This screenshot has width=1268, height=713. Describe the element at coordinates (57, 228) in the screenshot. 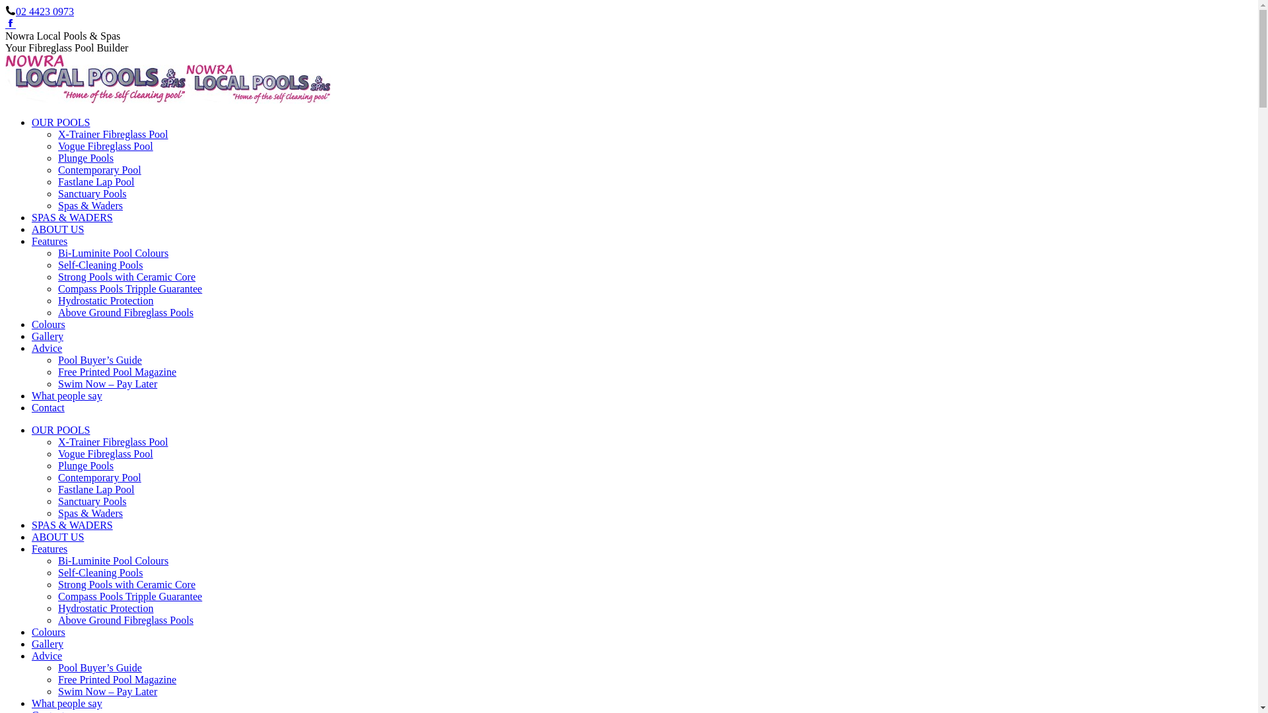

I see `'ABOUT US'` at that location.